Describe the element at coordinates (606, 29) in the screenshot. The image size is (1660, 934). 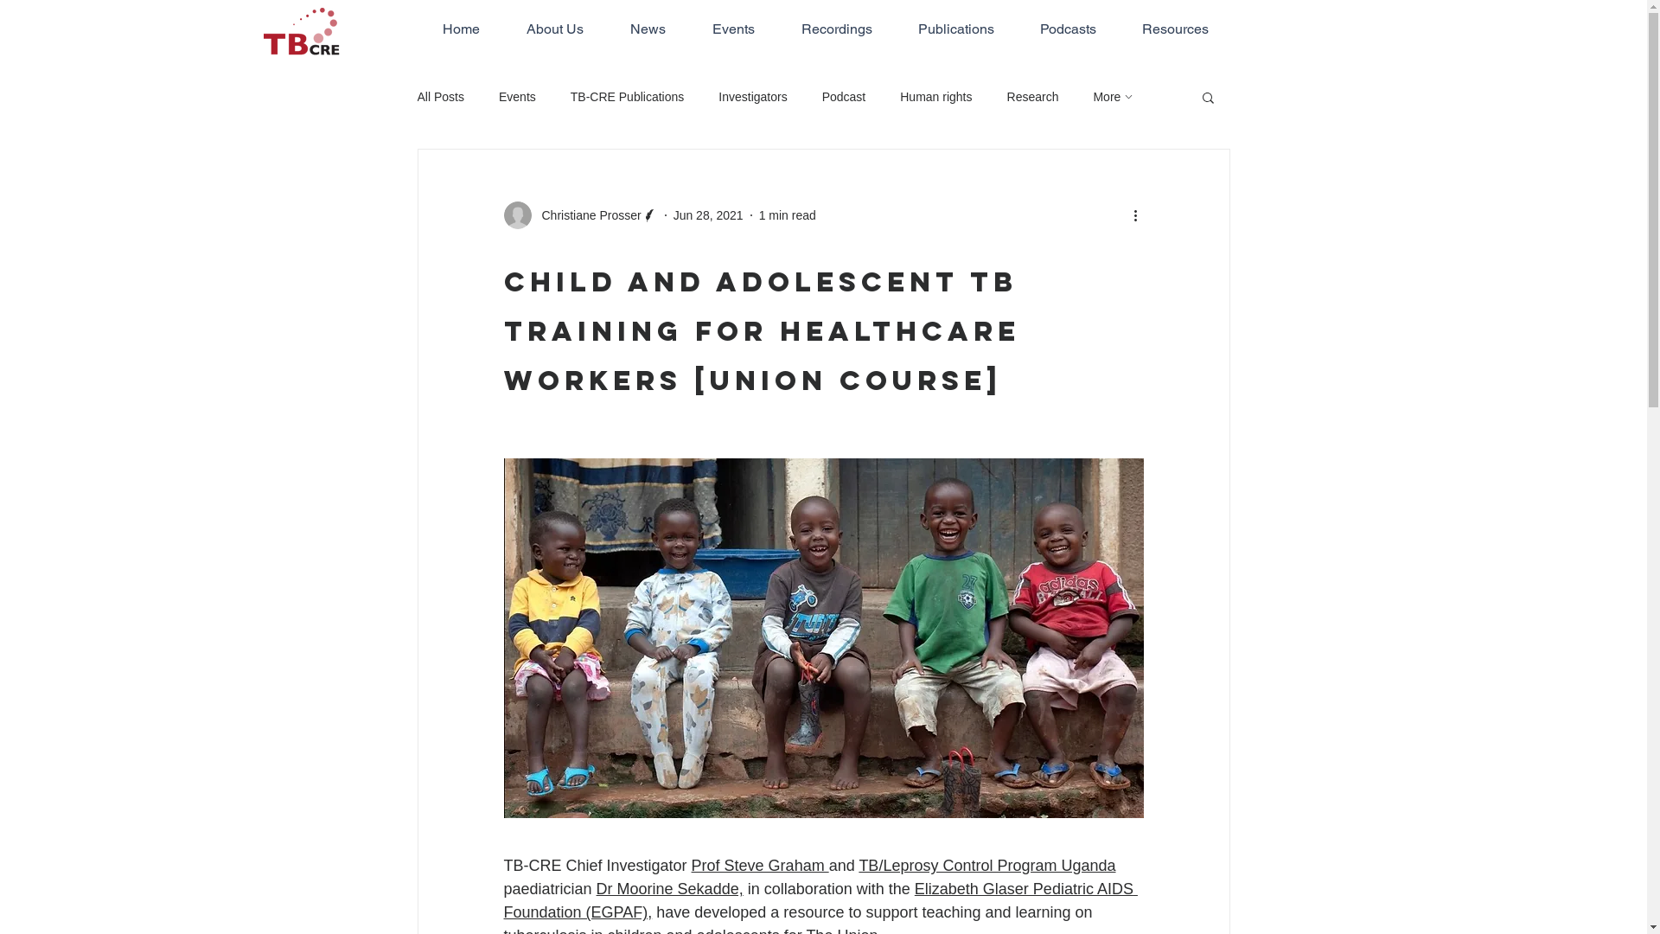
I see `'News'` at that location.